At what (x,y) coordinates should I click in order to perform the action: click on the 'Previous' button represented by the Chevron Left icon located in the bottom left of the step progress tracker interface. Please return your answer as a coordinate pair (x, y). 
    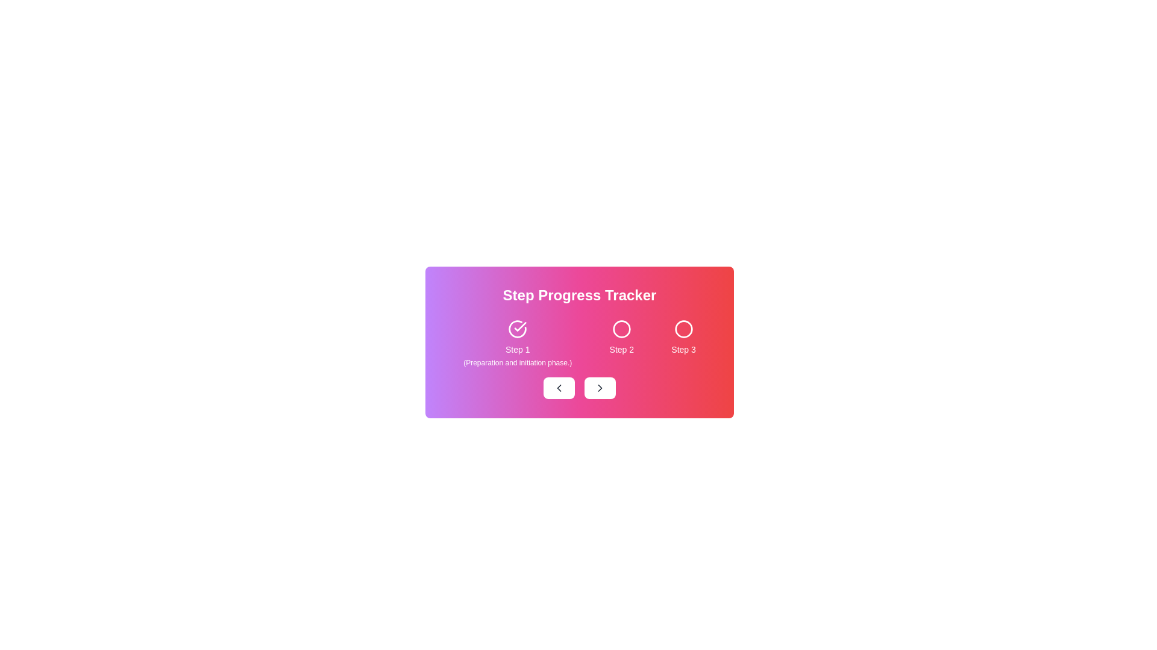
    Looking at the image, I should click on (558, 388).